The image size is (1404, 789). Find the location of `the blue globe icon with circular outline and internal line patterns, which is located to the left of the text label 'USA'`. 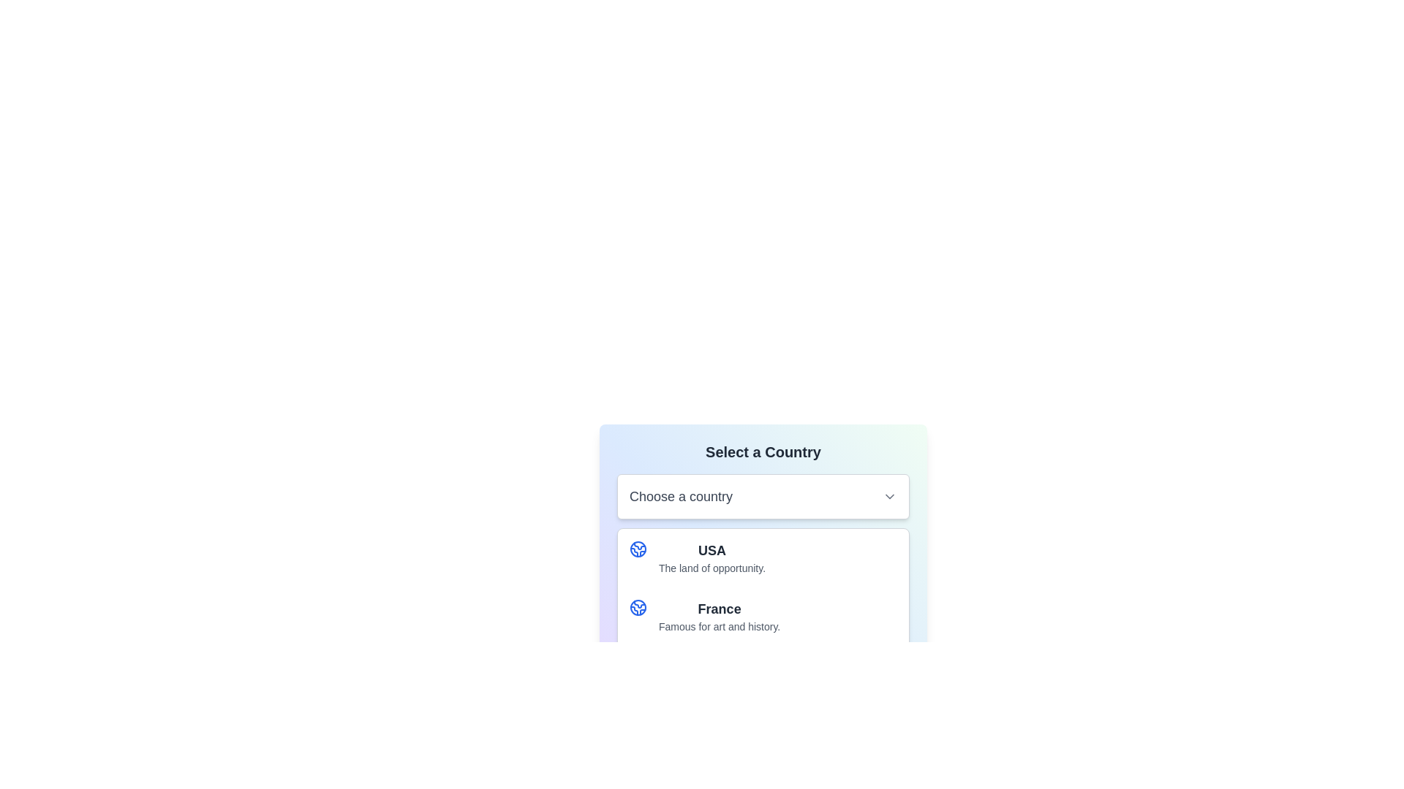

the blue globe icon with circular outline and internal line patterns, which is located to the left of the text label 'USA' is located at coordinates (638, 549).